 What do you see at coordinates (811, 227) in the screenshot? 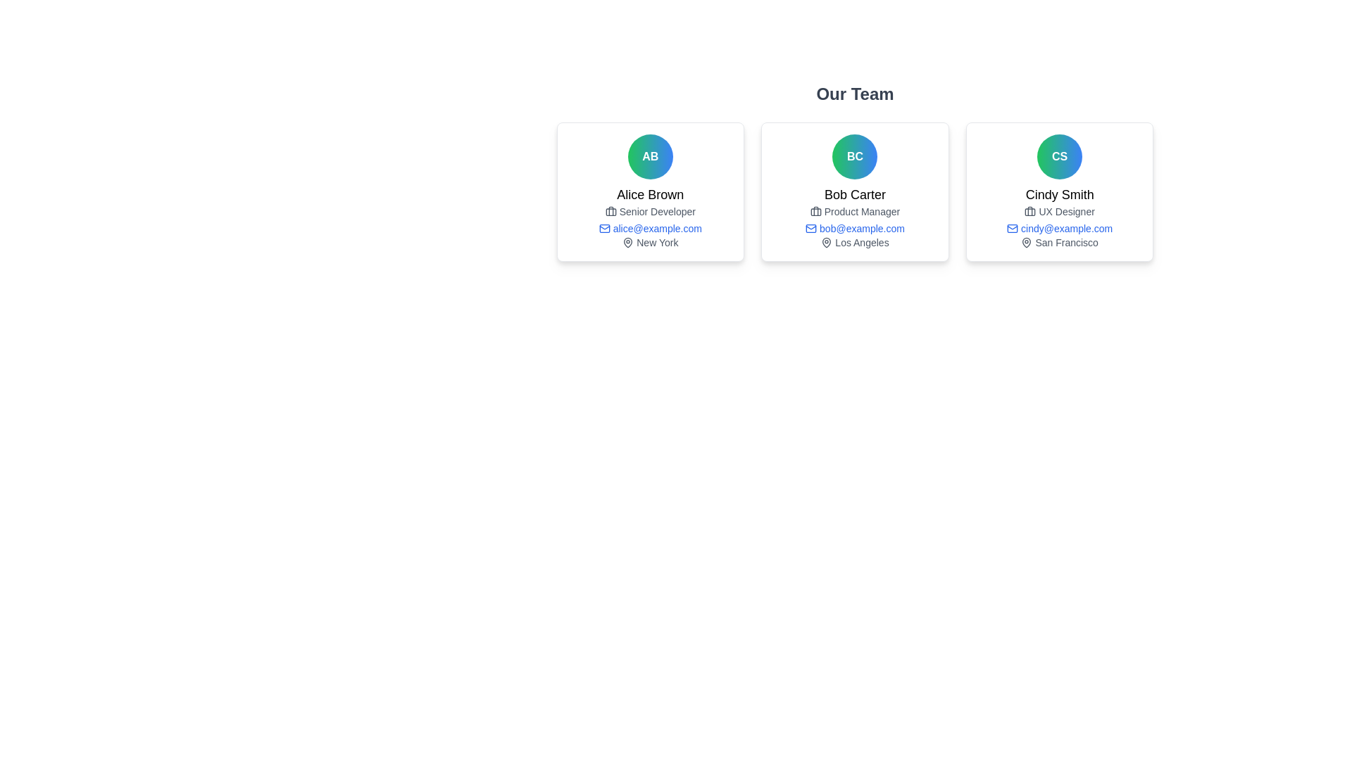
I see `the email icon component in Bob Carter's contact card, which is represented by a larger rectangle within the email envelope icon located below his name and profession` at bounding box center [811, 227].